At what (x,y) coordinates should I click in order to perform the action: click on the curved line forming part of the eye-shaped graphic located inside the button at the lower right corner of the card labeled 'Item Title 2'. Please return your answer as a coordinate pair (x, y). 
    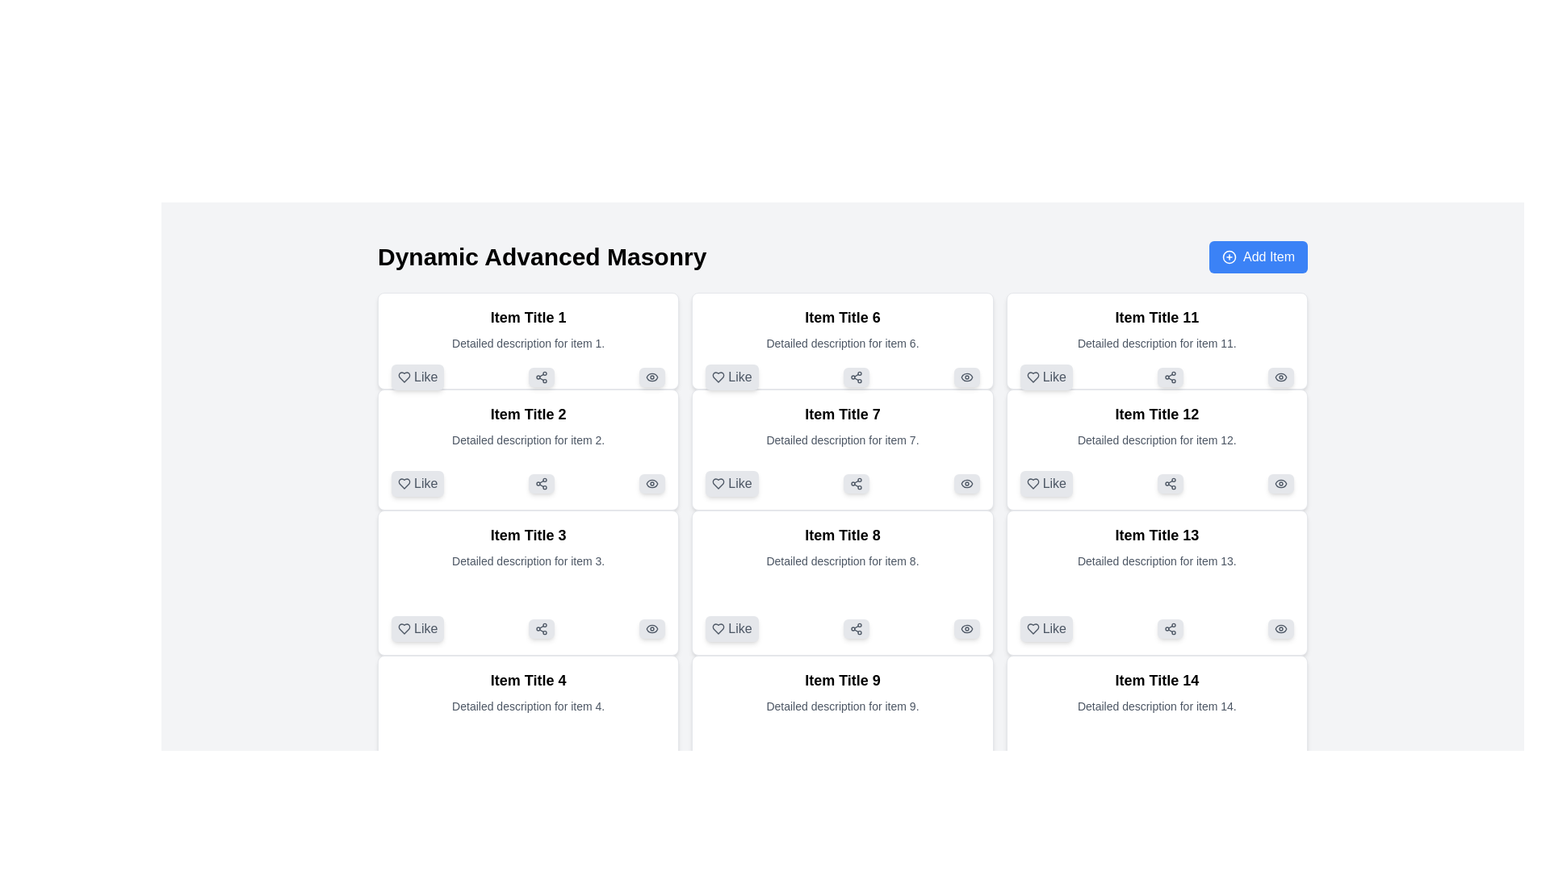
    Looking at the image, I should click on (652, 377).